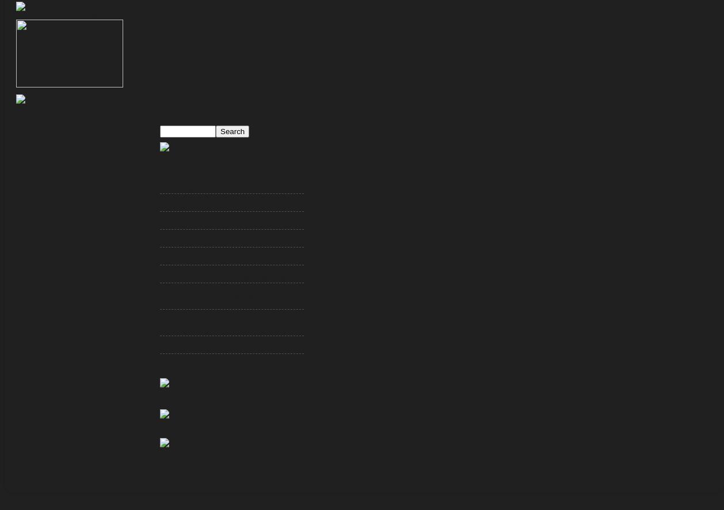 The image size is (724, 510). Describe the element at coordinates (199, 241) in the screenshot. I see `'A Steve McNair Cover-Up?'` at that location.